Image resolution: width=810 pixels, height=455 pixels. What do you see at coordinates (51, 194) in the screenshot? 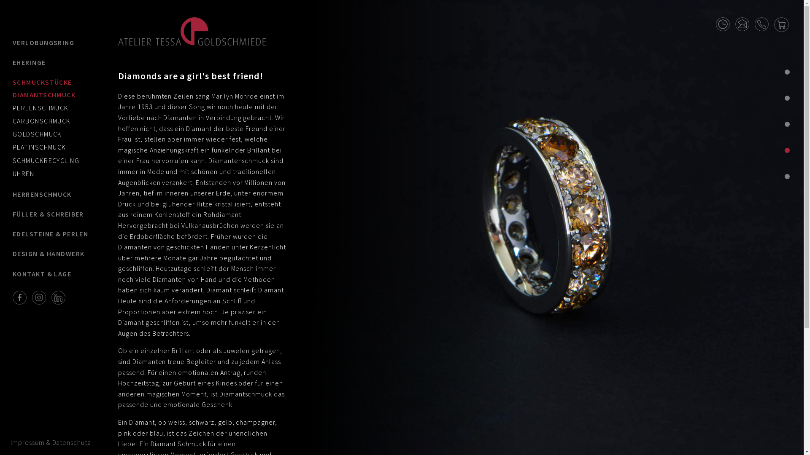
I see `'HERRENSCHMUCK'` at bounding box center [51, 194].